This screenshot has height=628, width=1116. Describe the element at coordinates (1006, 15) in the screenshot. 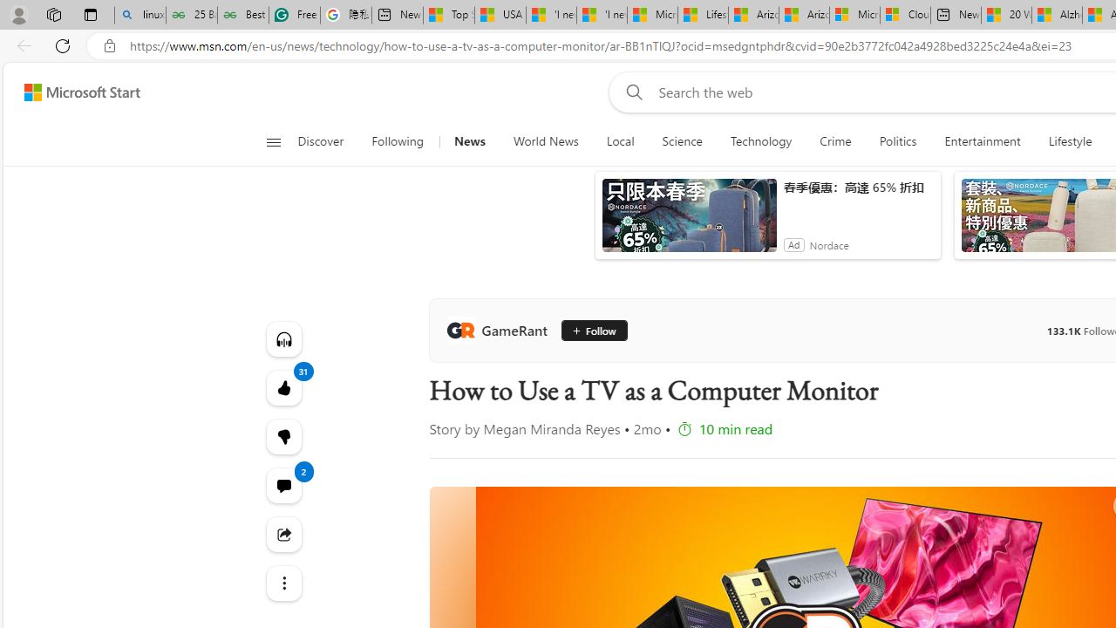

I see `'20 Ways to Boost Your Protein Intake at Every Meal'` at that location.